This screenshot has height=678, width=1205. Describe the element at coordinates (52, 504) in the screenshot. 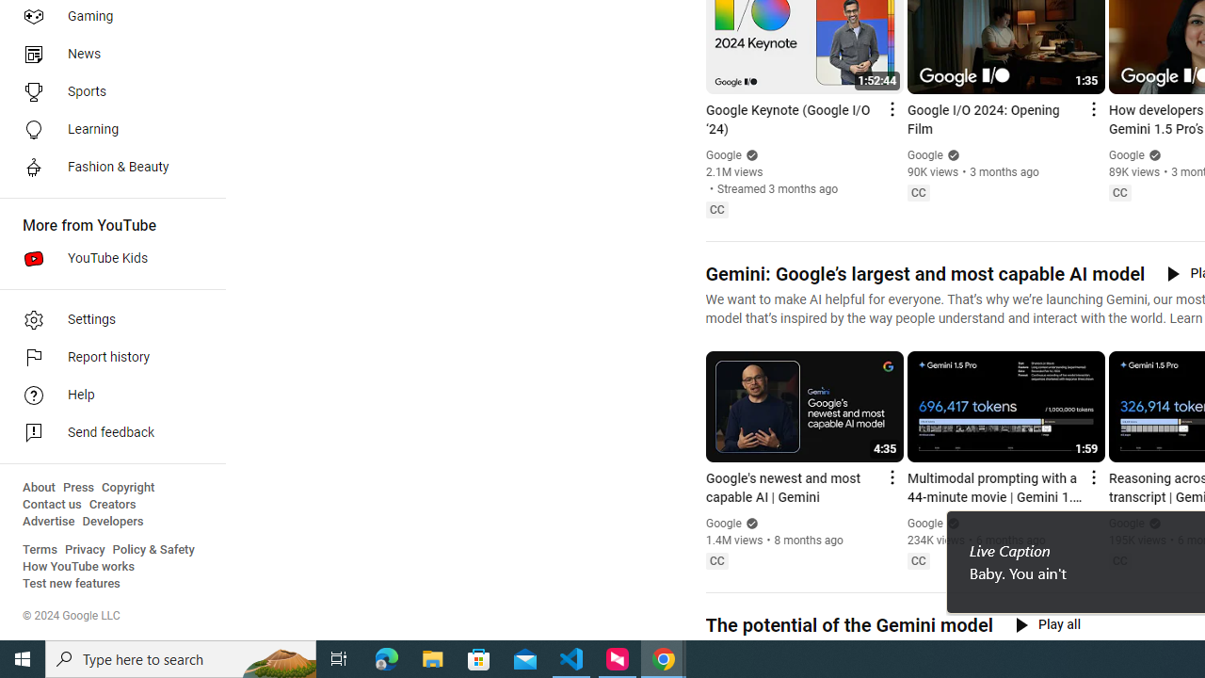

I see `'Contact us'` at that location.